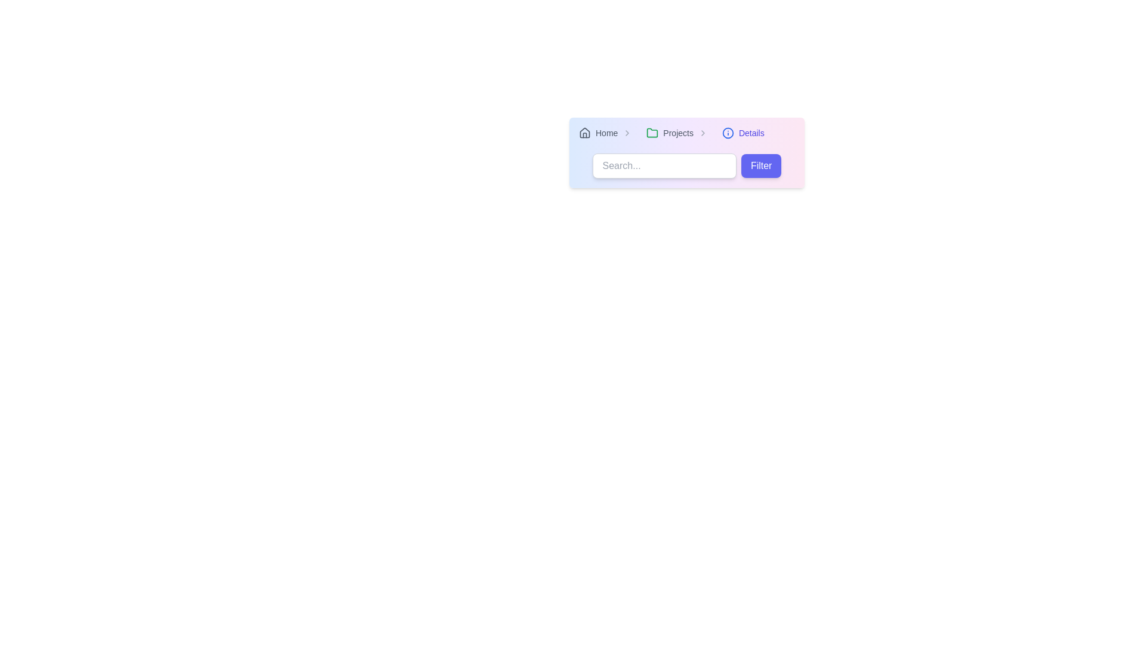  What do you see at coordinates (760, 165) in the screenshot?
I see `the indigo 'Filter' button with rounded corners to trigger its hover state effect` at bounding box center [760, 165].